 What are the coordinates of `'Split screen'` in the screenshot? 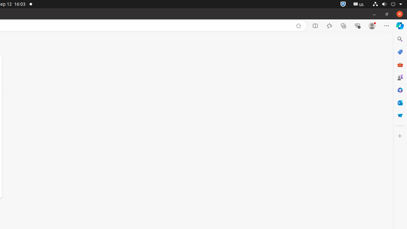 It's located at (315, 25).